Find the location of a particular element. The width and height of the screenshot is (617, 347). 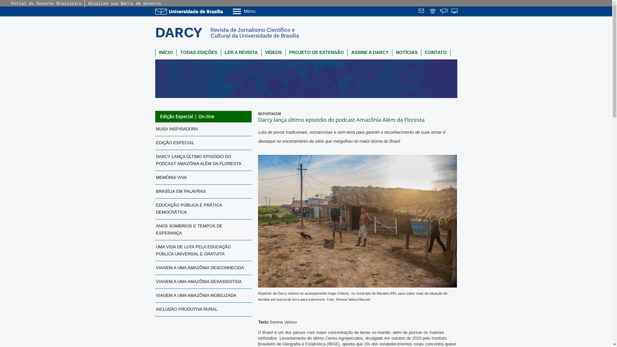

'Webmail' is located at coordinates (422, 12).